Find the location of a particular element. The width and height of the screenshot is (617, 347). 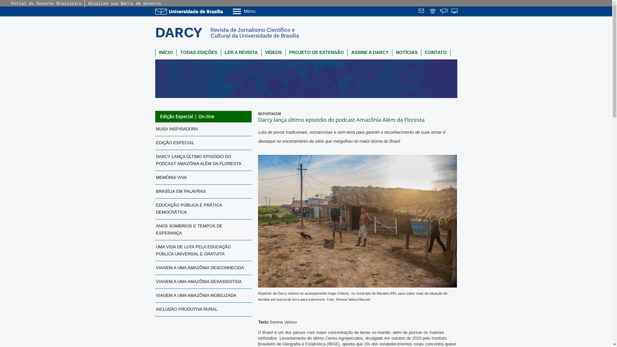

'Webmail' is located at coordinates (422, 12).